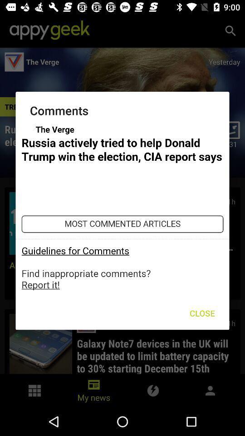 This screenshot has width=245, height=436. I want to click on open article, so click(122, 207).